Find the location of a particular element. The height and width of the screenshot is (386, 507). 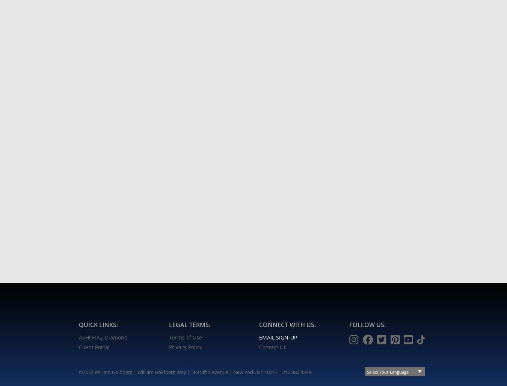

'QUICK LINKS:' is located at coordinates (98, 324).